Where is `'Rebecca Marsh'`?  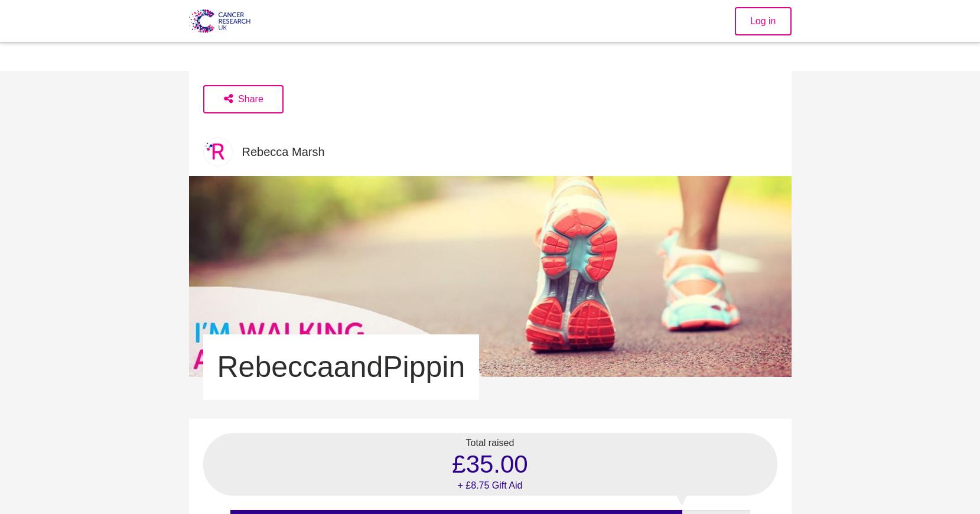 'Rebecca Marsh' is located at coordinates (241, 151).